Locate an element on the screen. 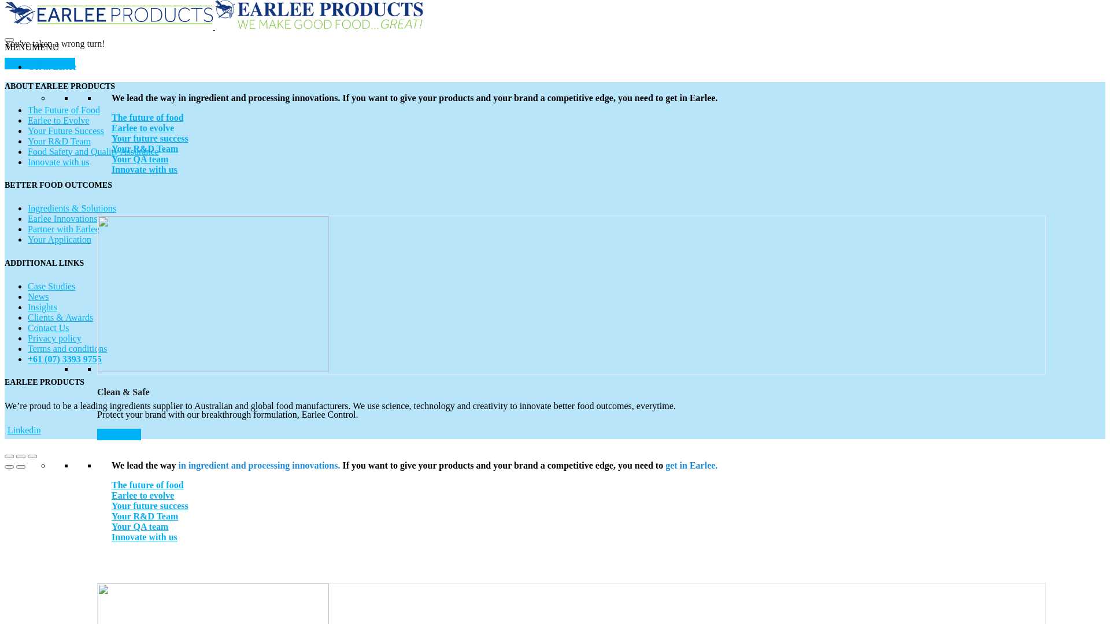 This screenshot has height=624, width=1110. 'Privacy policy' is located at coordinates (54, 338).